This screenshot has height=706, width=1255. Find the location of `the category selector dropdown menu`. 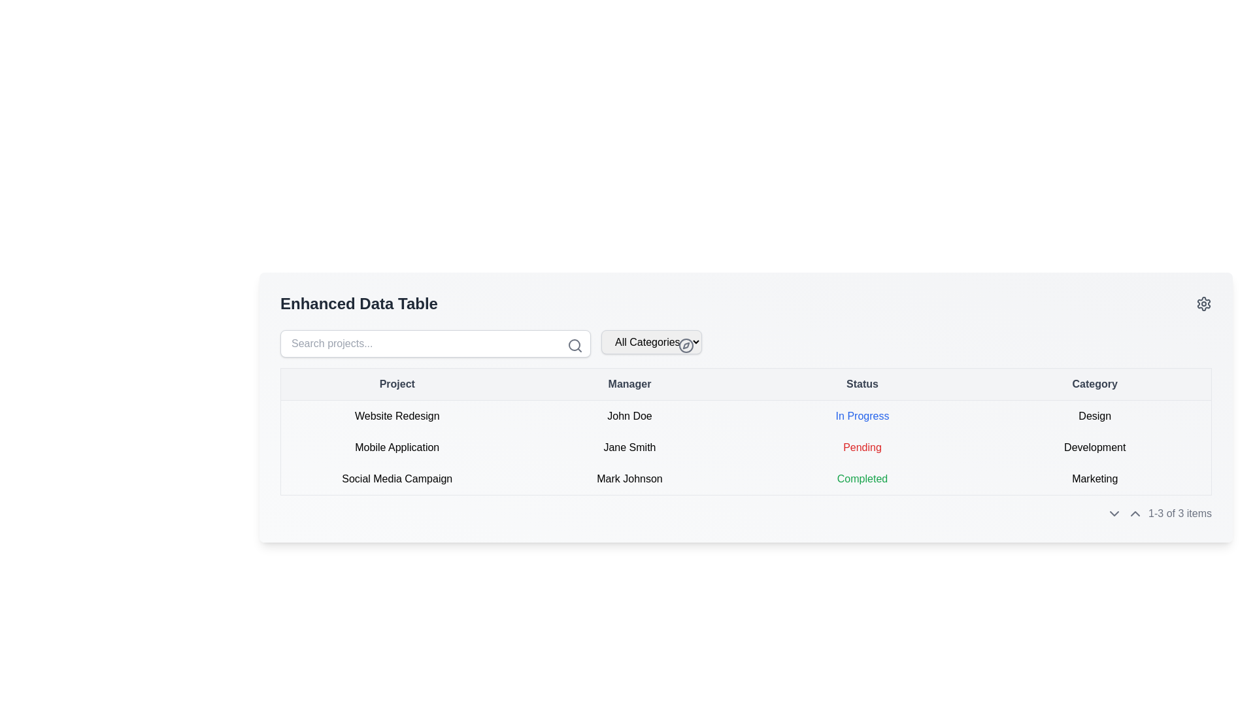

the category selector dropdown menu is located at coordinates (652, 343).